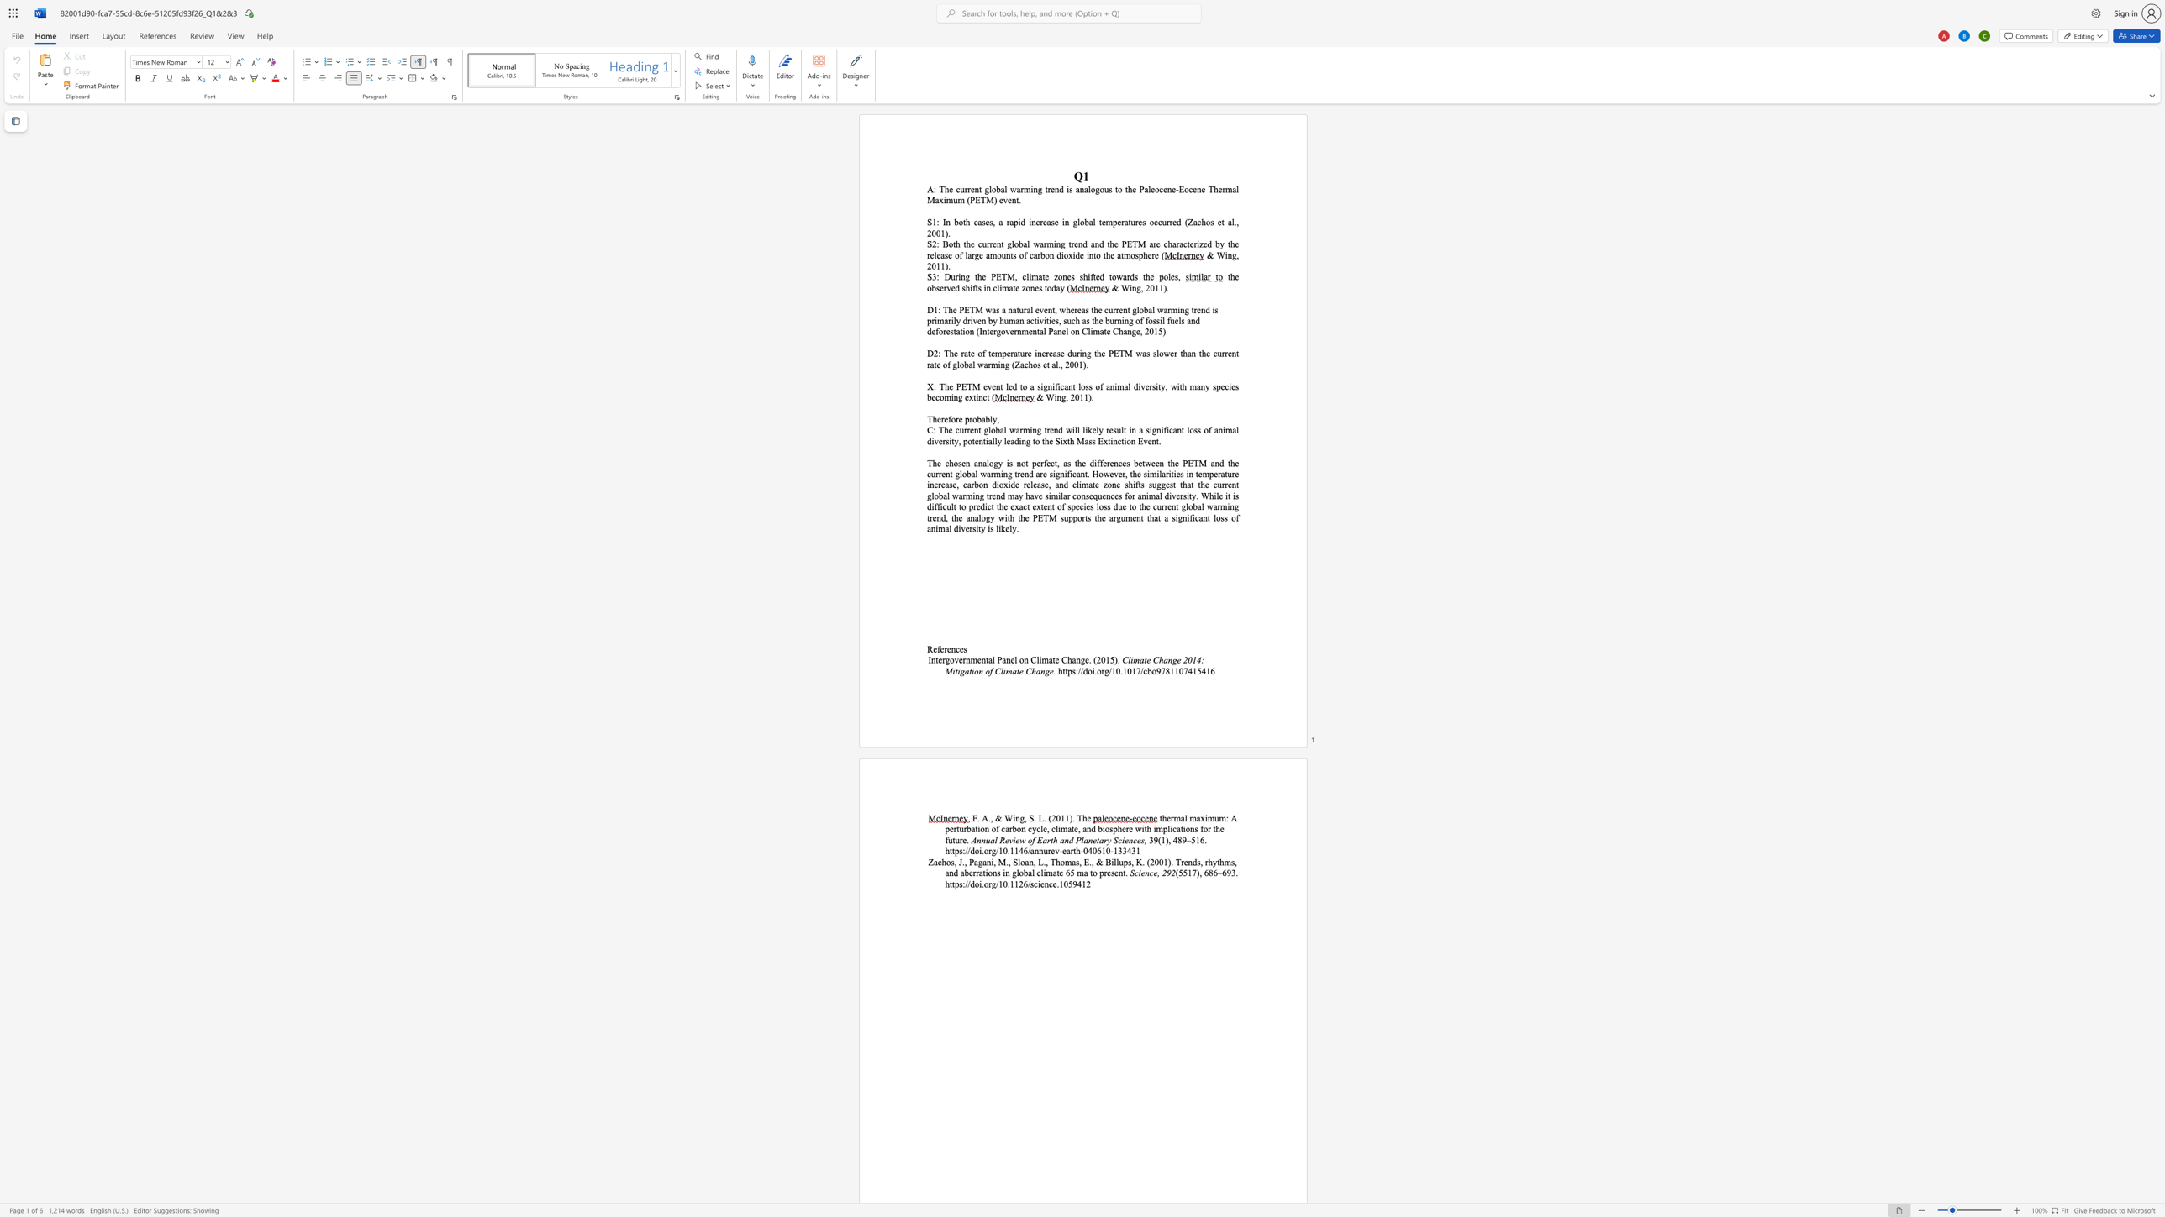  What do you see at coordinates (1176, 386) in the screenshot?
I see `the space between the continuous character "w" and "i" in the text` at bounding box center [1176, 386].